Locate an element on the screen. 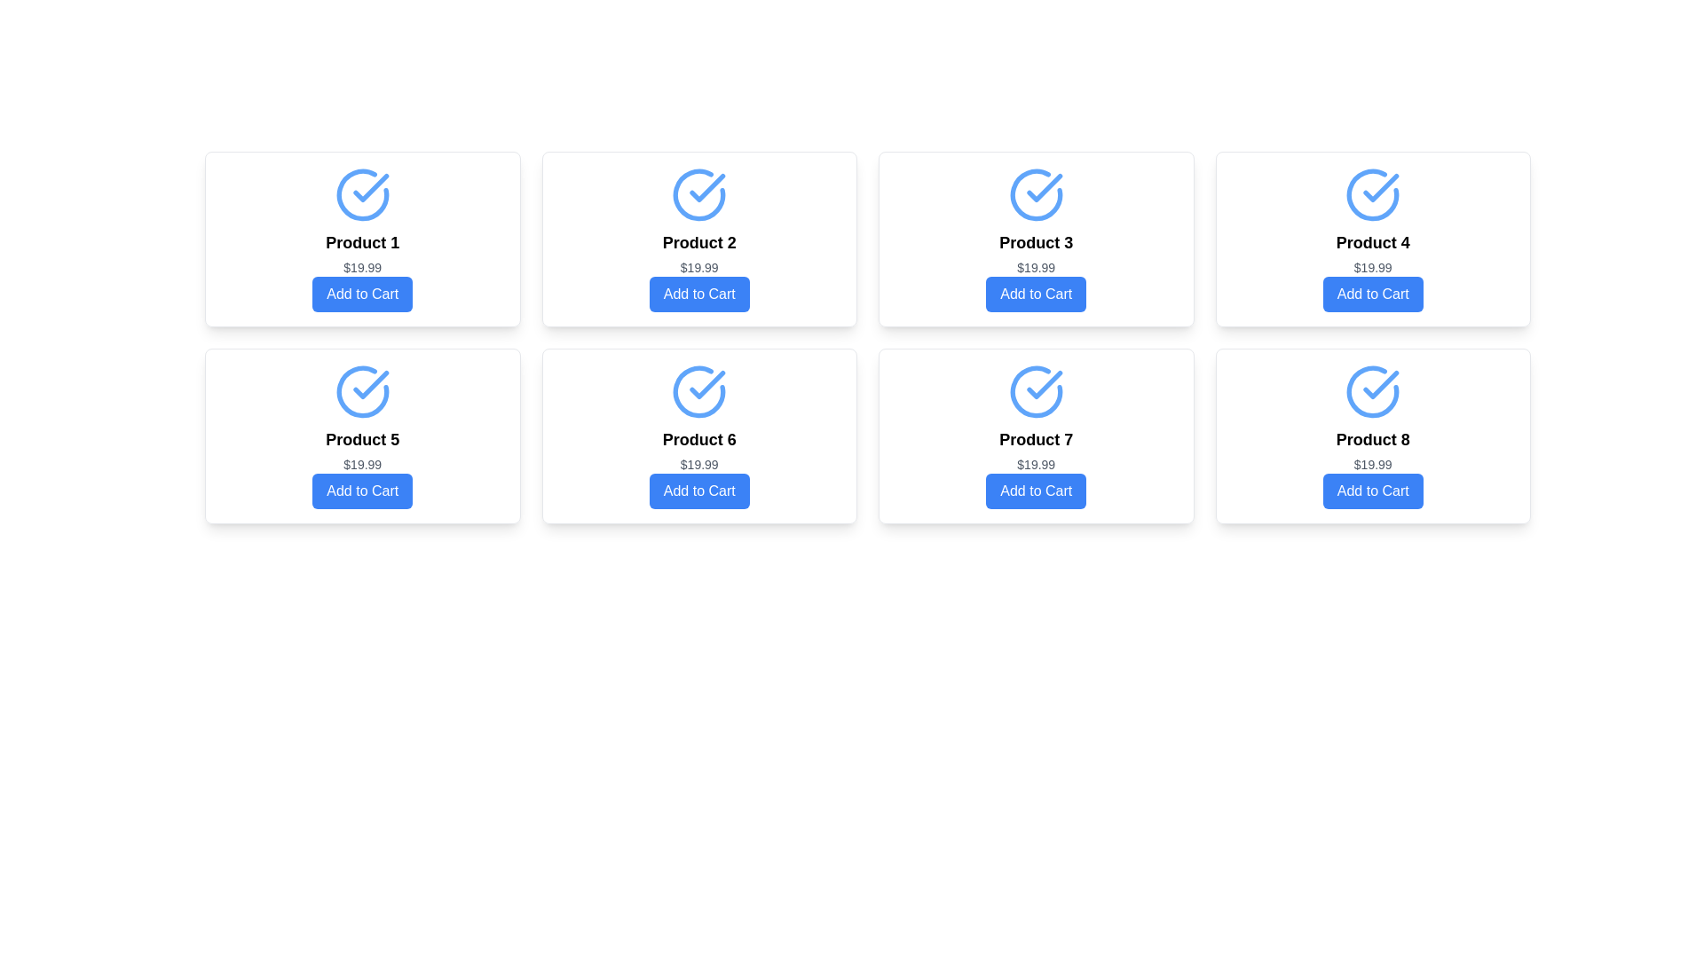 The image size is (1704, 958). the 'Add to Cart' button for 'Product 1' located in the top-left product card is located at coordinates (361, 293).